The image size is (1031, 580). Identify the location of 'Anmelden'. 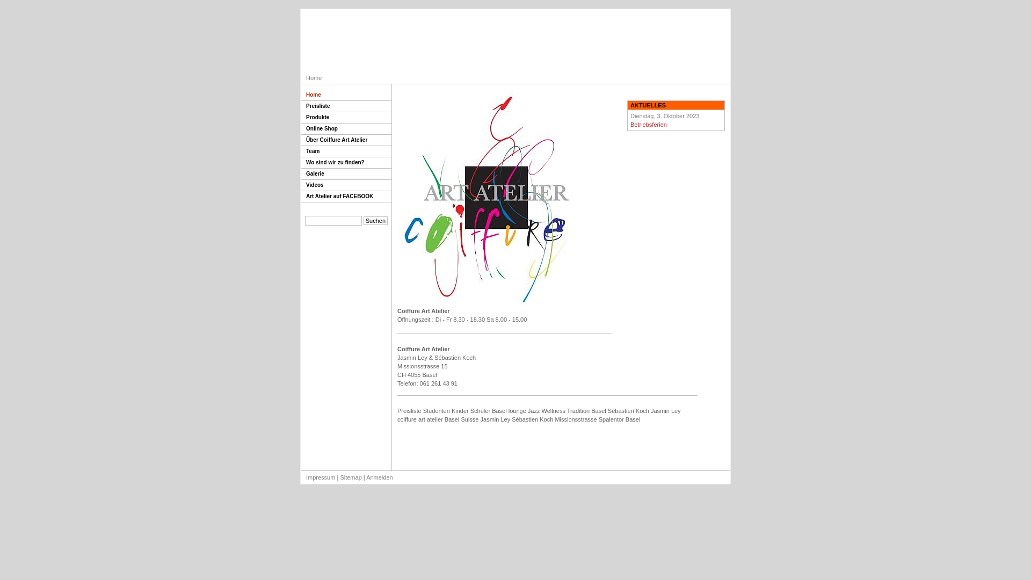
(366, 476).